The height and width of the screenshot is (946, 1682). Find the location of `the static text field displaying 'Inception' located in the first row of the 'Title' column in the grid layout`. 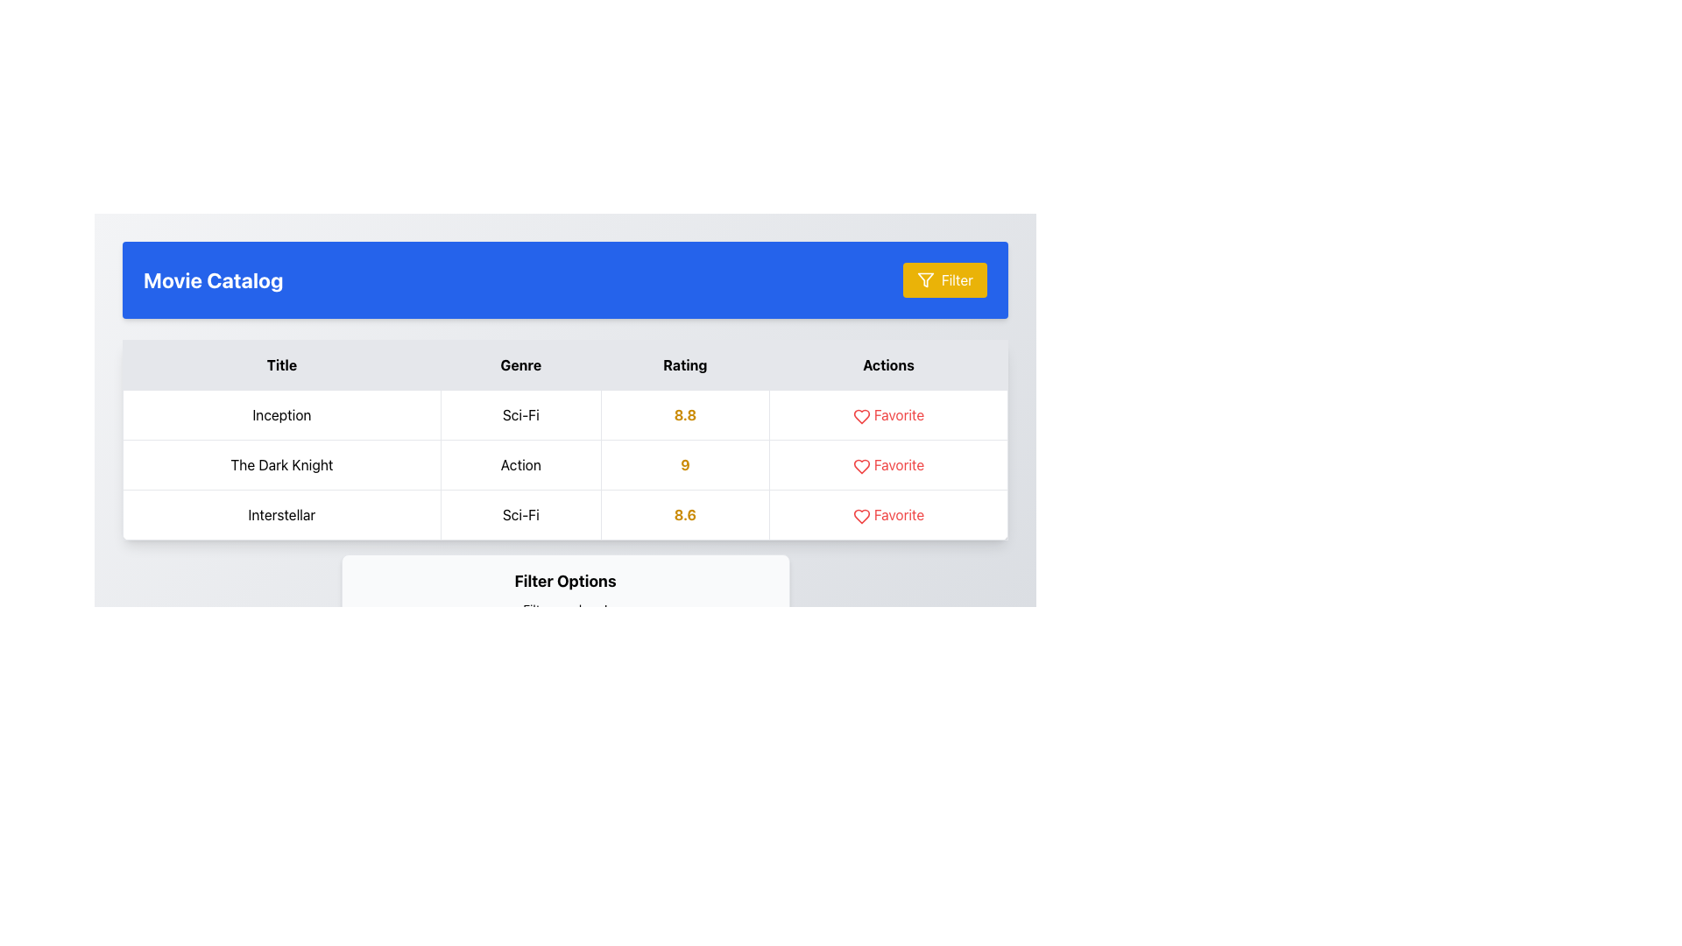

the static text field displaying 'Inception' located in the first row of the 'Title' column in the grid layout is located at coordinates (281, 415).